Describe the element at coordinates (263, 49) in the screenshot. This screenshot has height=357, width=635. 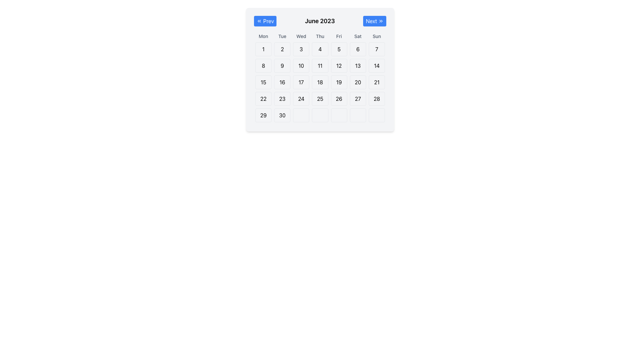
I see `the square-shaped button with a rounded border and bold black text '1'` at that location.